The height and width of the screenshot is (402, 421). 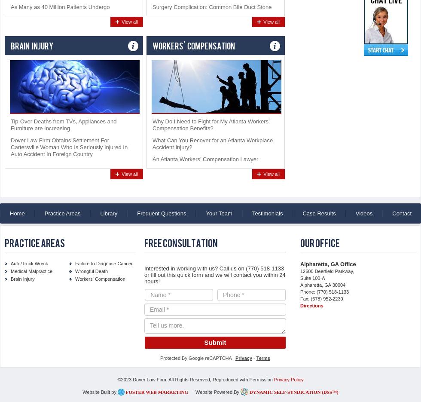 I want to click on '-', so click(x=254, y=358).